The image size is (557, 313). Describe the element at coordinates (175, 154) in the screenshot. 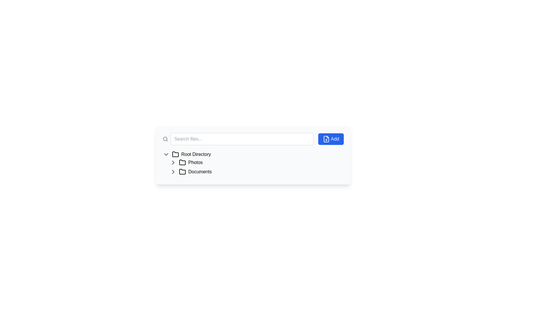

I see `the folder icon representing the Root Directory` at that location.